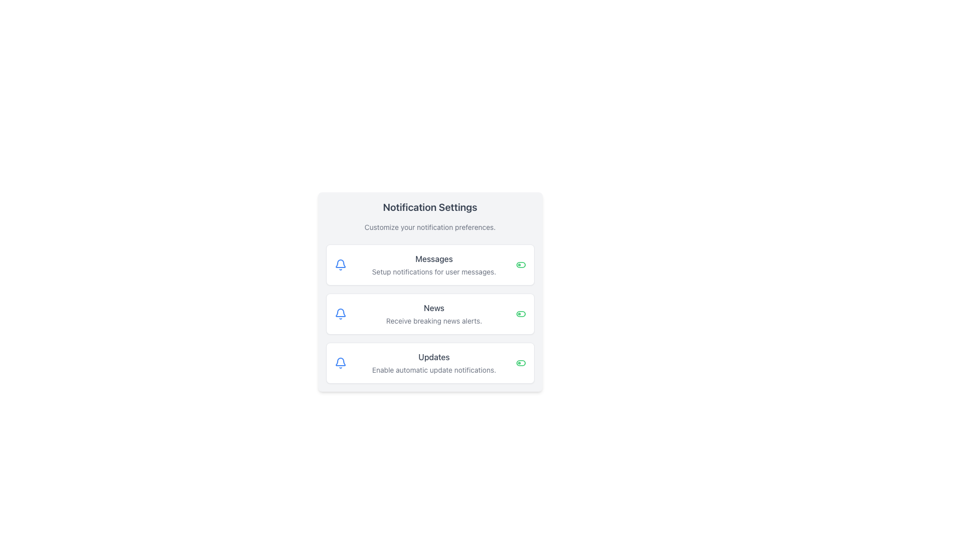 Image resolution: width=962 pixels, height=541 pixels. I want to click on the 'News' notification icon, which serves as a visual identifier for 'News' related notifications and is positioned to the left of the text 'Receive breaking news alerts.', so click(340, 314).